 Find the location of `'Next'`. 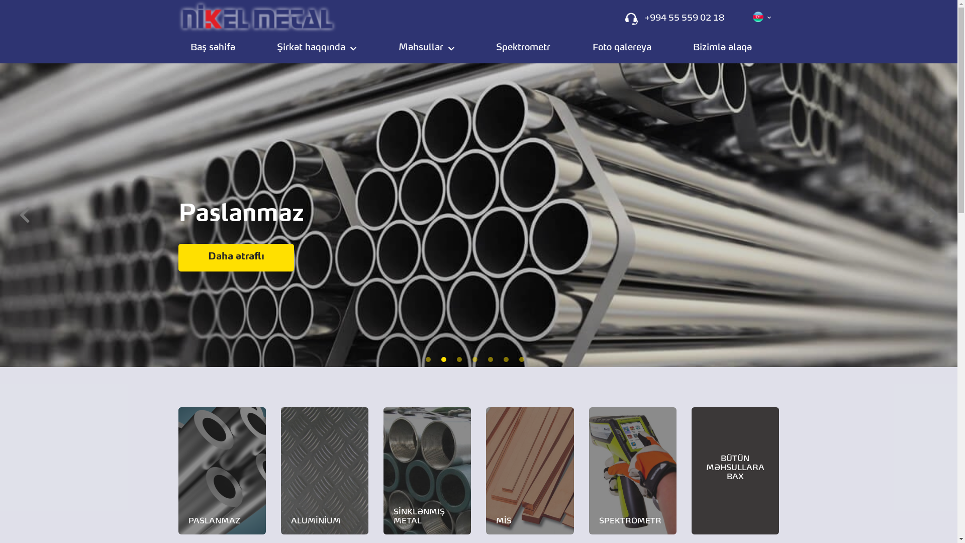

'Next' is located at coordinates (933, 208).